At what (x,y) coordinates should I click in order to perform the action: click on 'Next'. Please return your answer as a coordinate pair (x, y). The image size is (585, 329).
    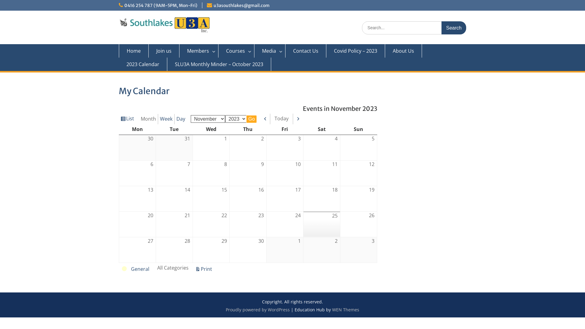
    Looking at the image, I should click on (298, 119).